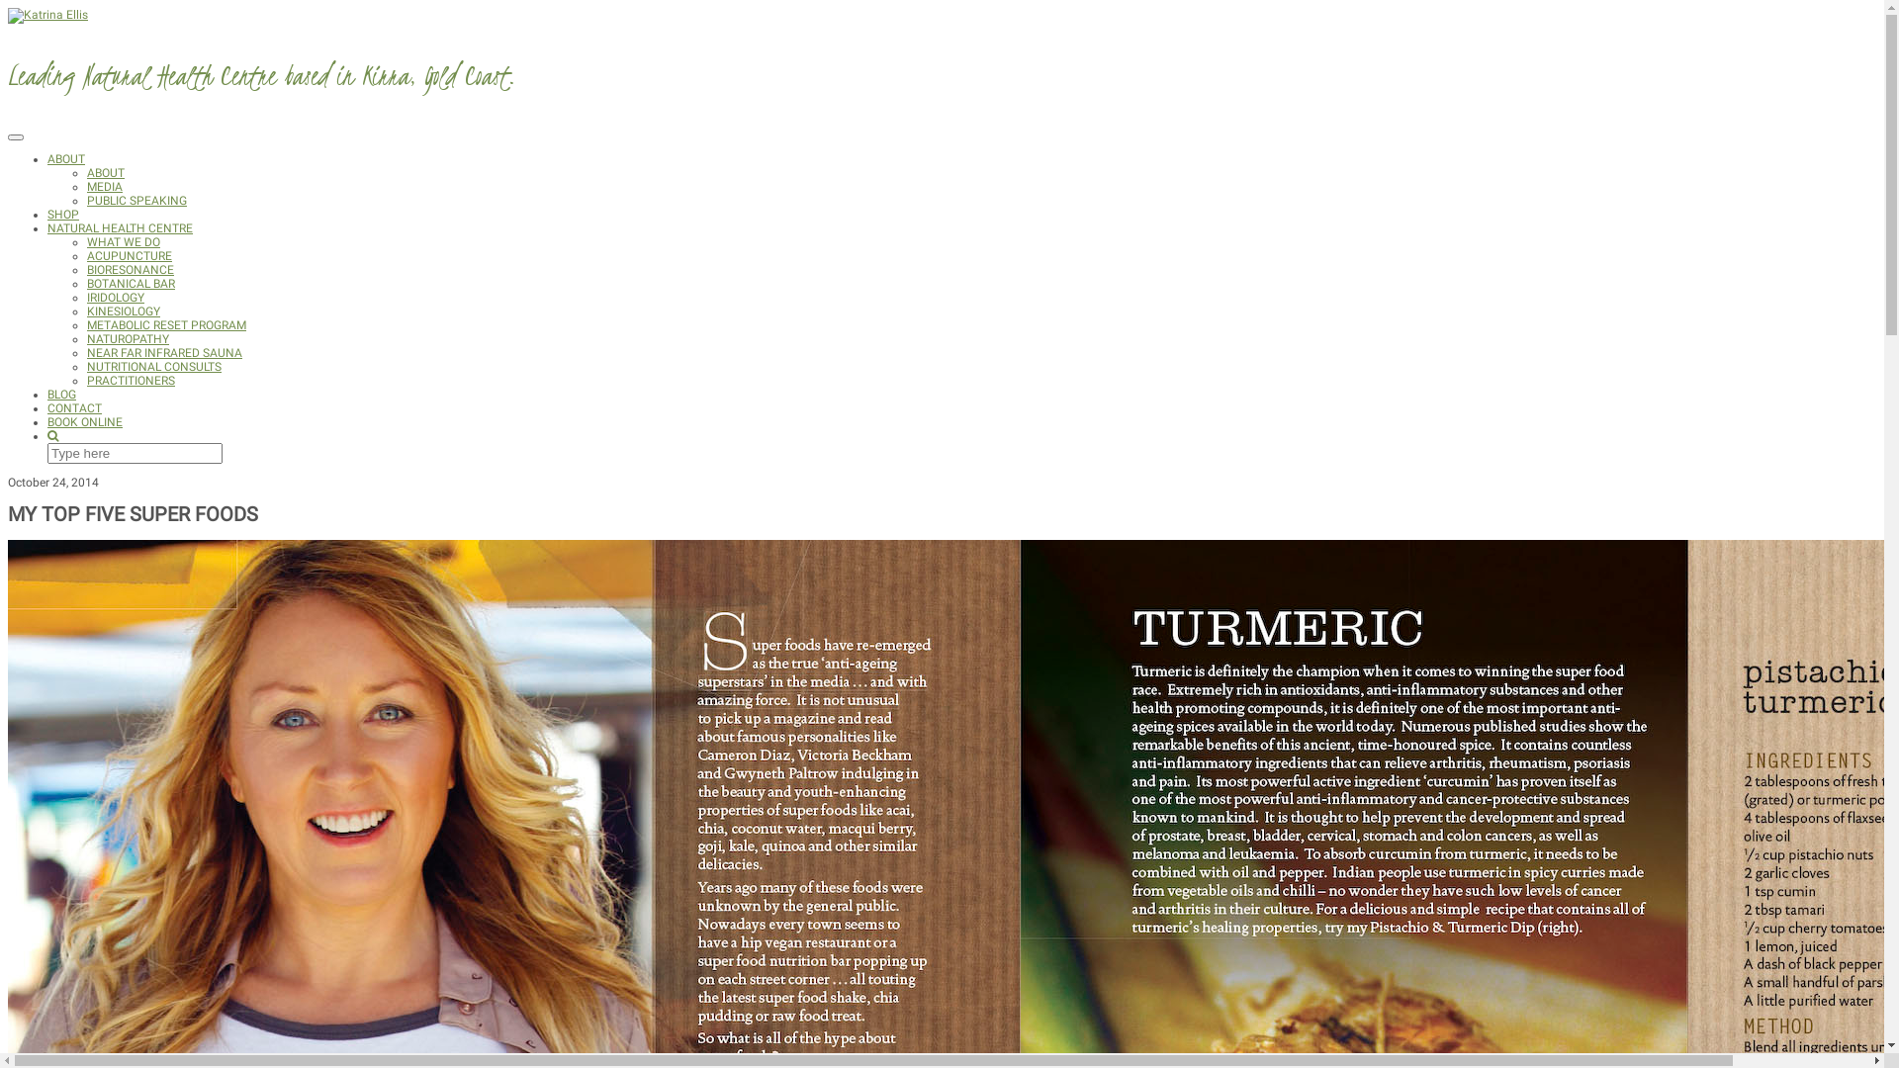 The height and width of the screenshot is (1068, 1899). Describe the element at coordinates (166, 323) in the screenshot. I see `'METABOLIC RESET PROGRAM'` at that location.